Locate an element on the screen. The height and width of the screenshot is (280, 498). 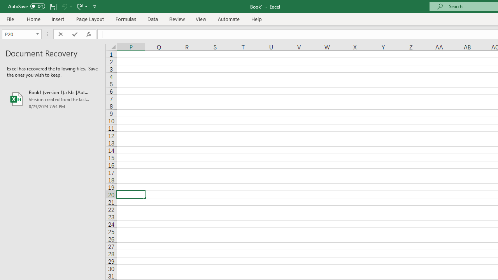
'Help' is located at coordinates (257, 19).